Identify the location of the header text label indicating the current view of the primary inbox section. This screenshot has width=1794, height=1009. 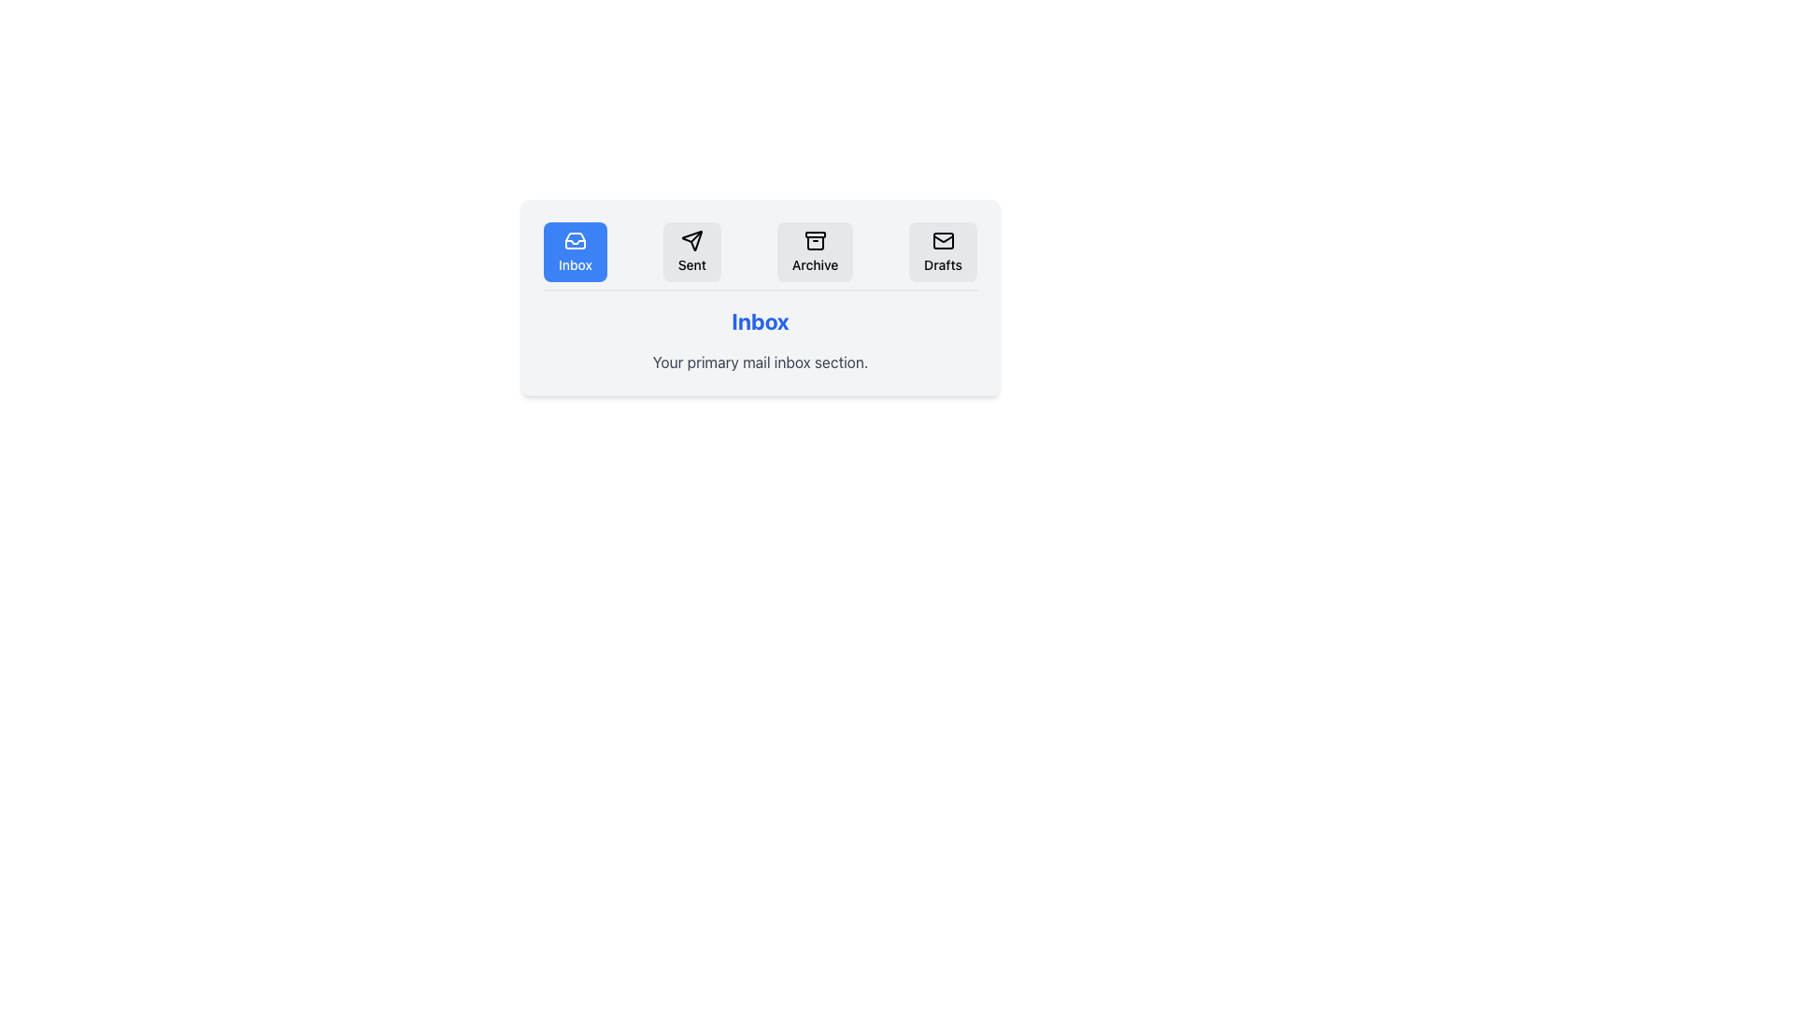
(761, 320).